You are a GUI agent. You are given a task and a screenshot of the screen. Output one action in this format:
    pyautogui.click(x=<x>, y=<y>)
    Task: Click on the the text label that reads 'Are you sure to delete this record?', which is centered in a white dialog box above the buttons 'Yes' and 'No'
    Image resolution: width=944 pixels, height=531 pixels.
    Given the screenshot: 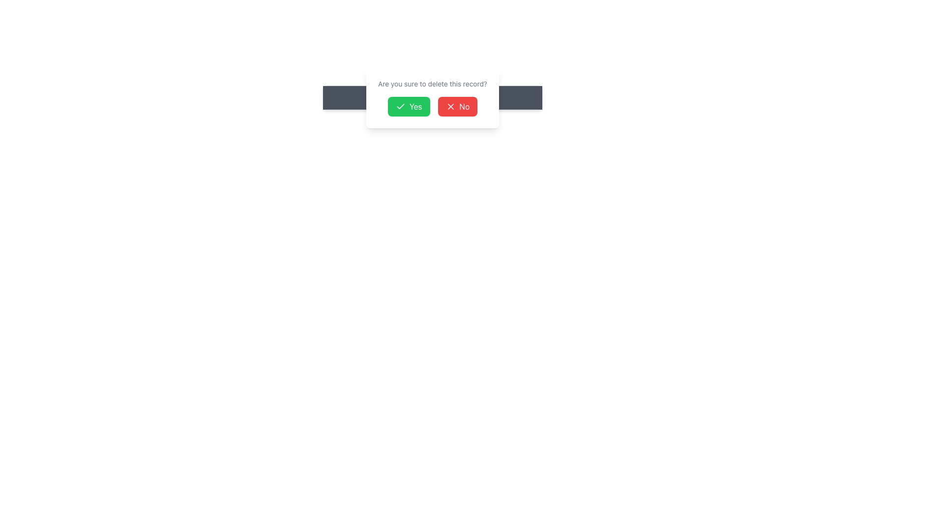 What is the action you would take?
    pyautogui.click(x=432, y=83)
    